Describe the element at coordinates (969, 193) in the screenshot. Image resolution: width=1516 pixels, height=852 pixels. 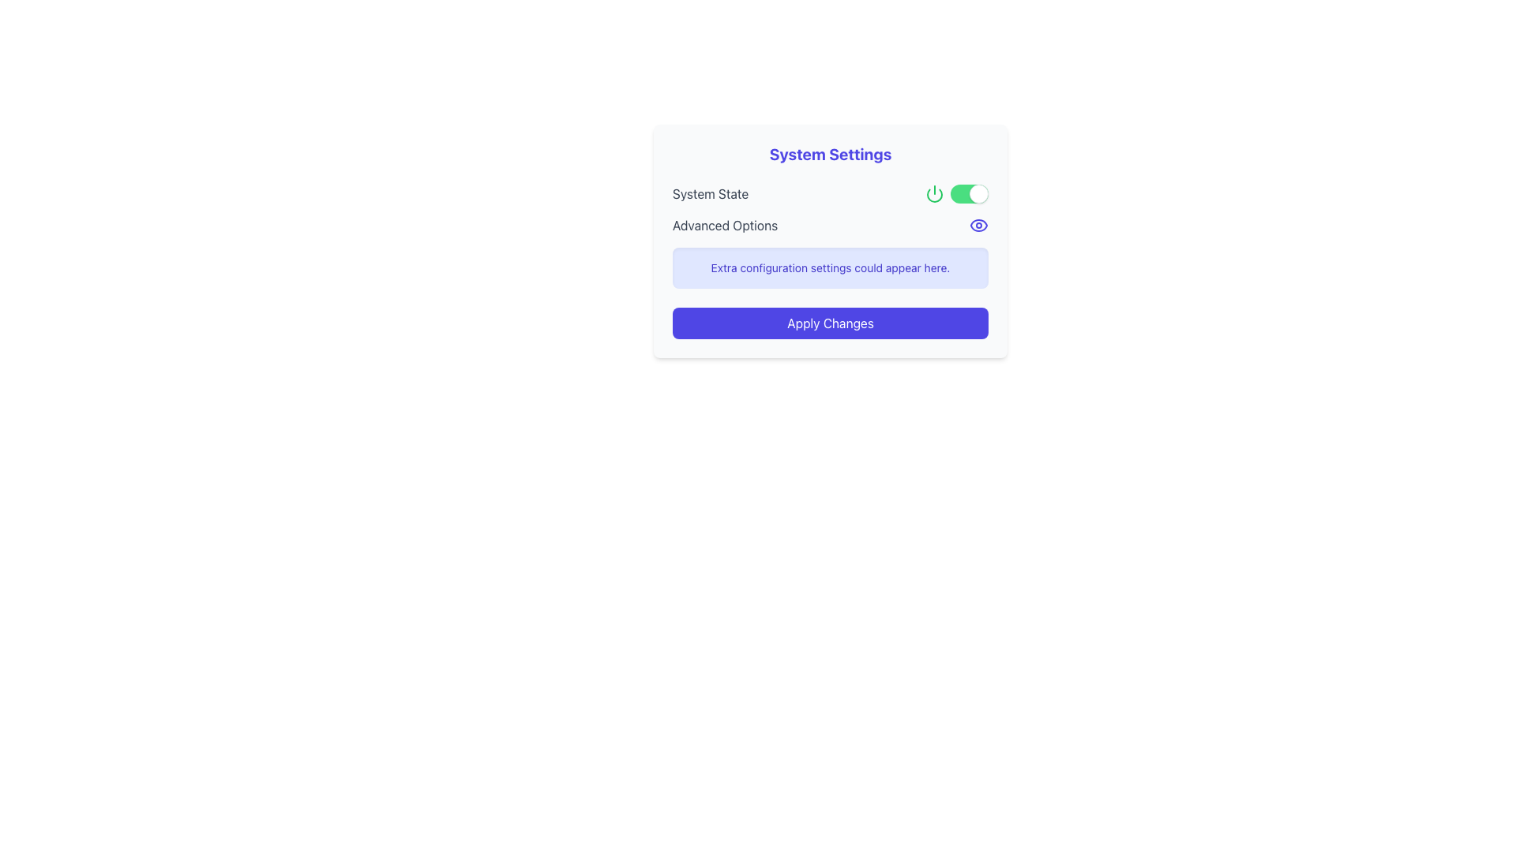
I see `the toggle switch located in the 'System Settings' section to the right of the 'System State' label` at that location.